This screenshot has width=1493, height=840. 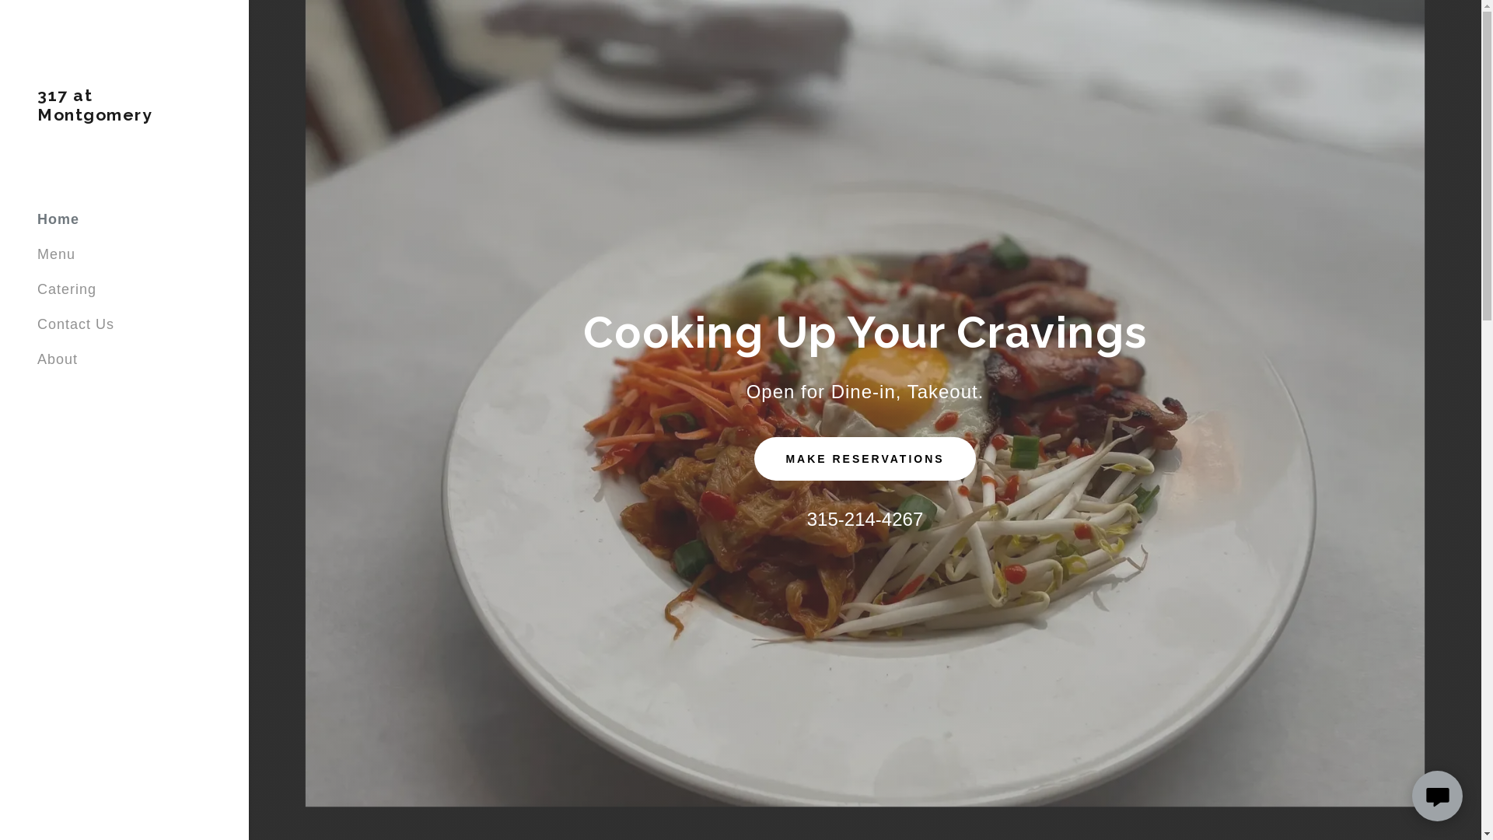 What do you see at coordinates (864, 519) in the screenshot?
I see `'315-214-4267'` at bounding box center [864, 519].